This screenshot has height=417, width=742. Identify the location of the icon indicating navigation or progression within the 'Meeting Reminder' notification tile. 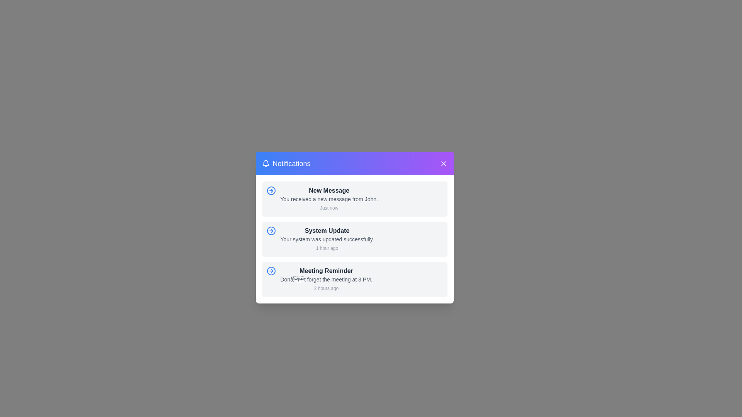
(271, 271).